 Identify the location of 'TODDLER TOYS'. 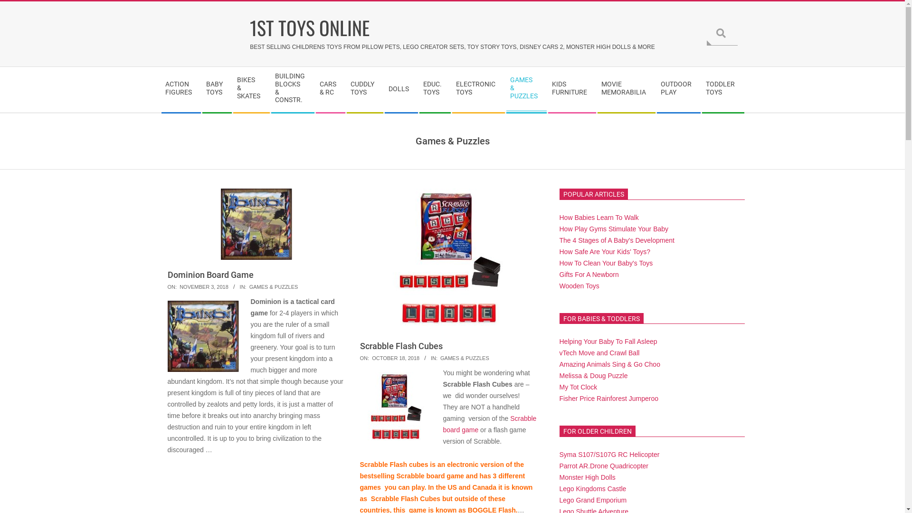
(722, 90).